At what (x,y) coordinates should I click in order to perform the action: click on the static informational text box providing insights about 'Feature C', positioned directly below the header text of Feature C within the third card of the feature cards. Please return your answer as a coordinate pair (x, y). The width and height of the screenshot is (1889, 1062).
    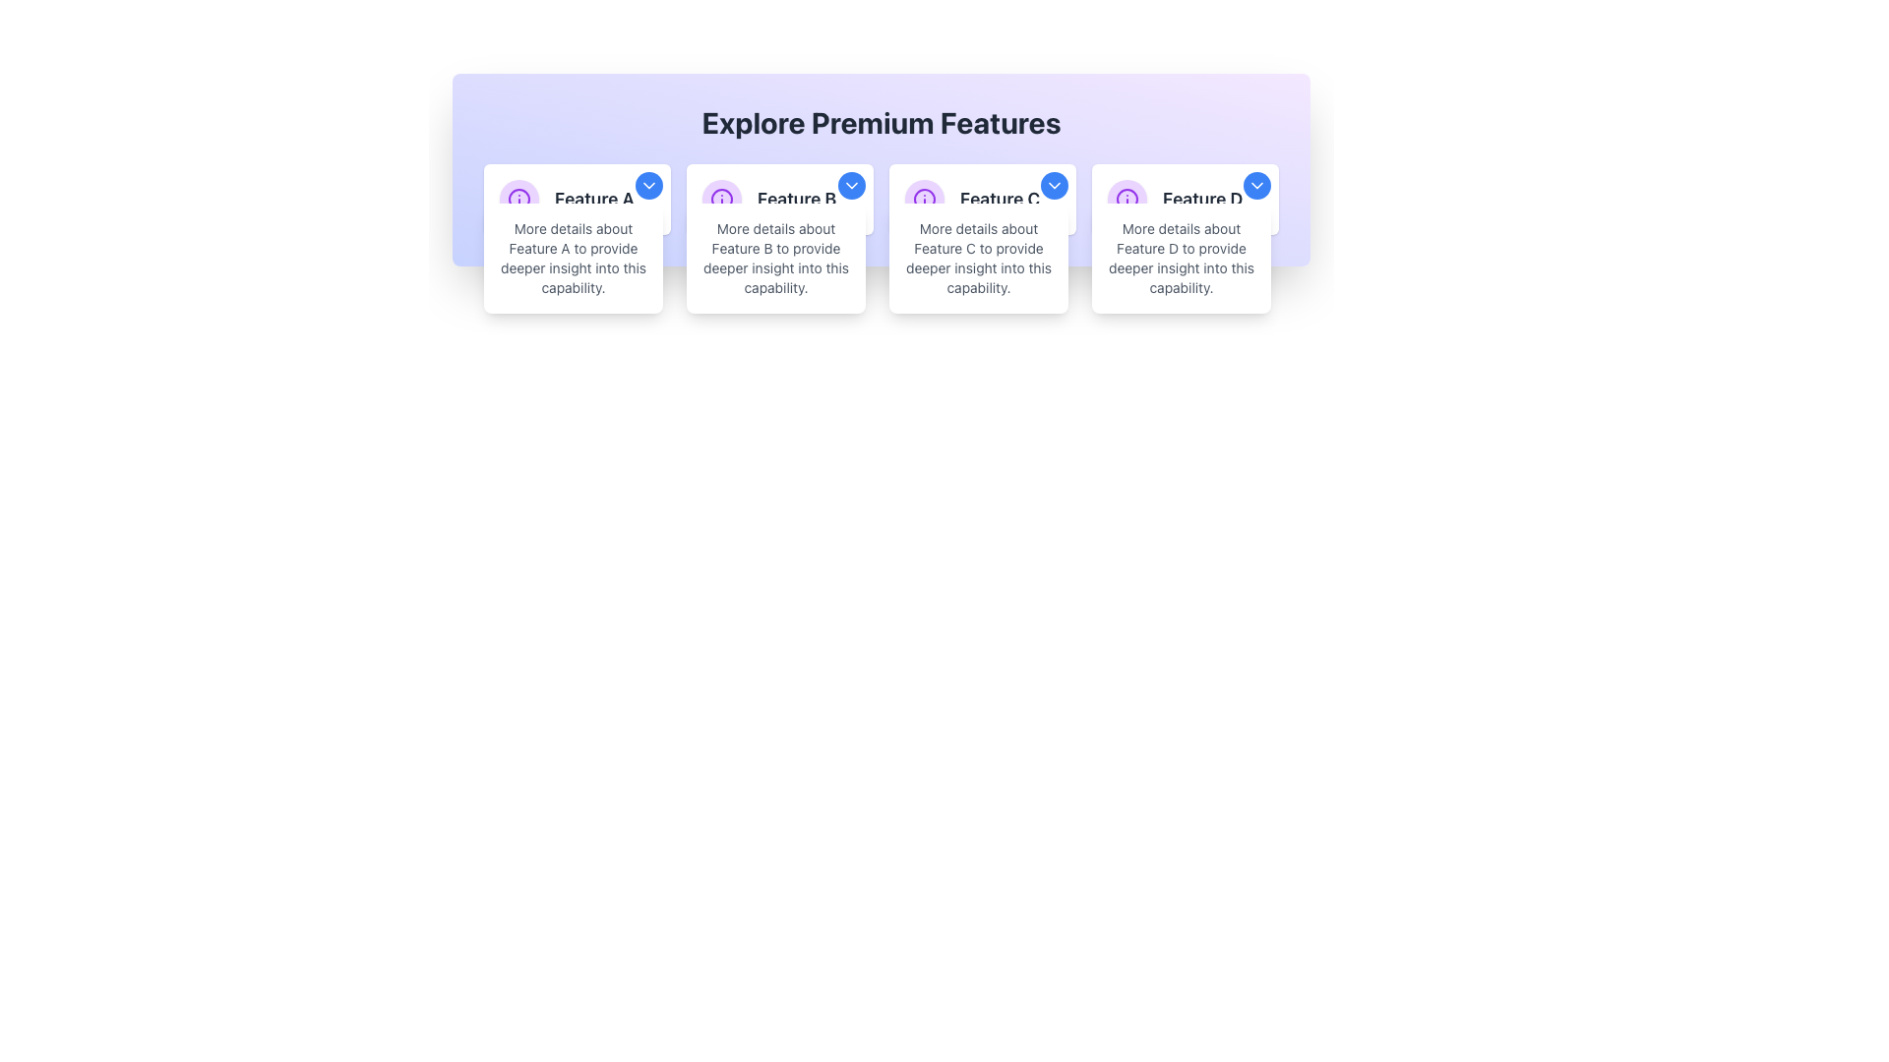
    Looking at the image, I should click on (978, 257).